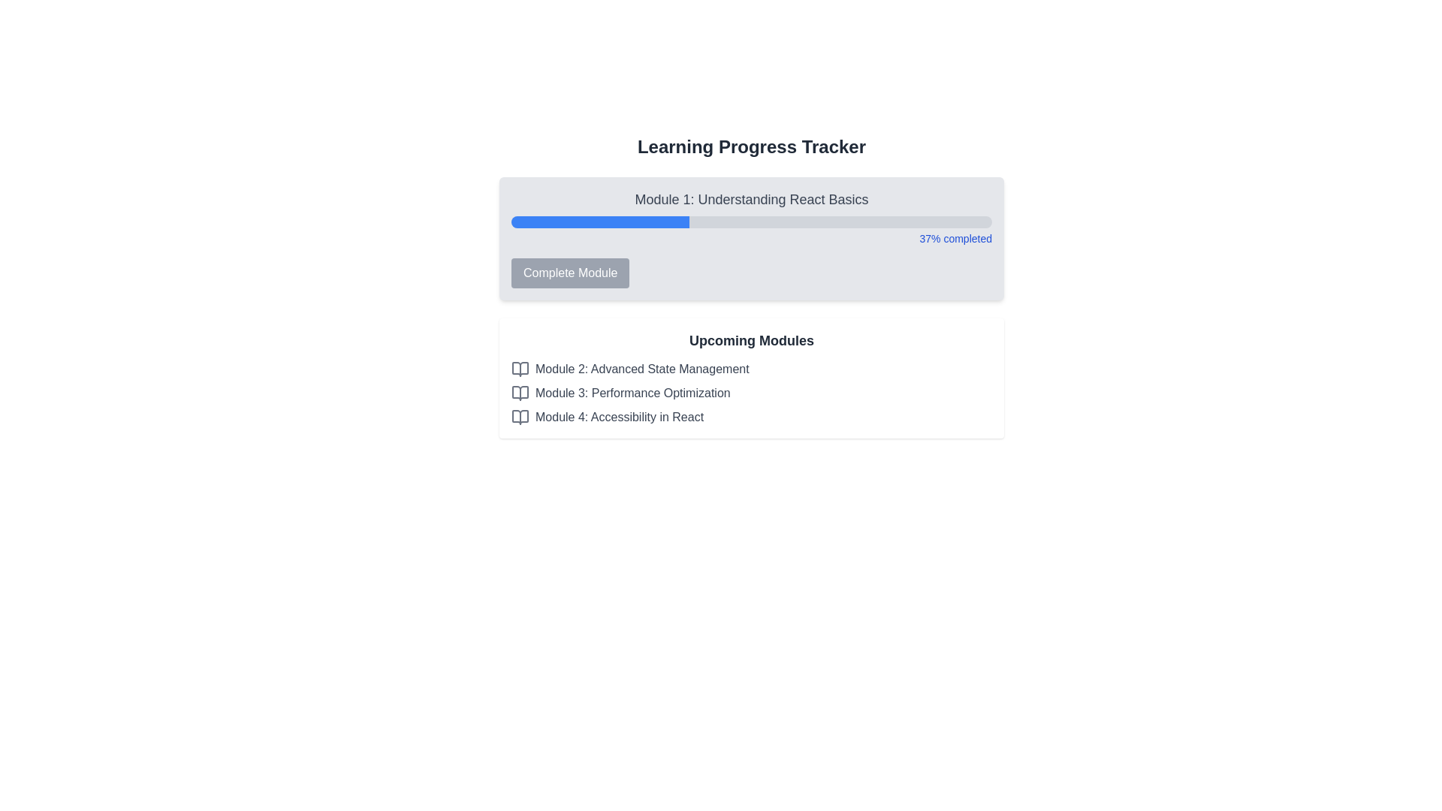 The width and height of the screenshot is (1442, 811). I want to click on the open book icon located in the 'Upcoming Modules' section, adjacent to 'Module 2: Advanced State Management', so click(520, 369).